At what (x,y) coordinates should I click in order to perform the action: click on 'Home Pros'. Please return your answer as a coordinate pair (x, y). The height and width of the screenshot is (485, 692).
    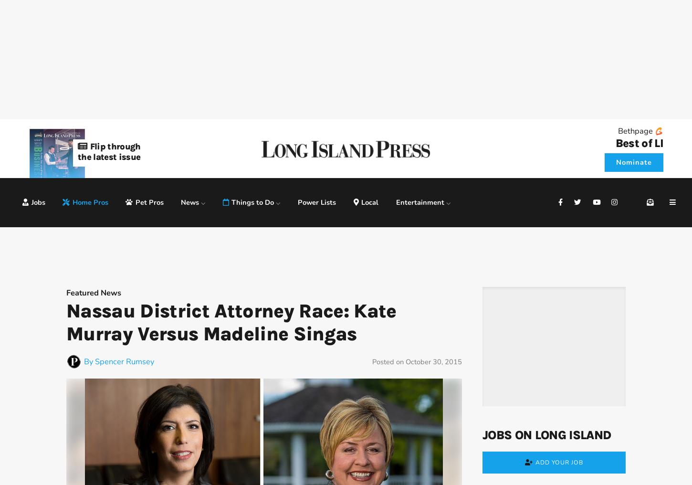
    Looking at the image, I should click on (89, 201).